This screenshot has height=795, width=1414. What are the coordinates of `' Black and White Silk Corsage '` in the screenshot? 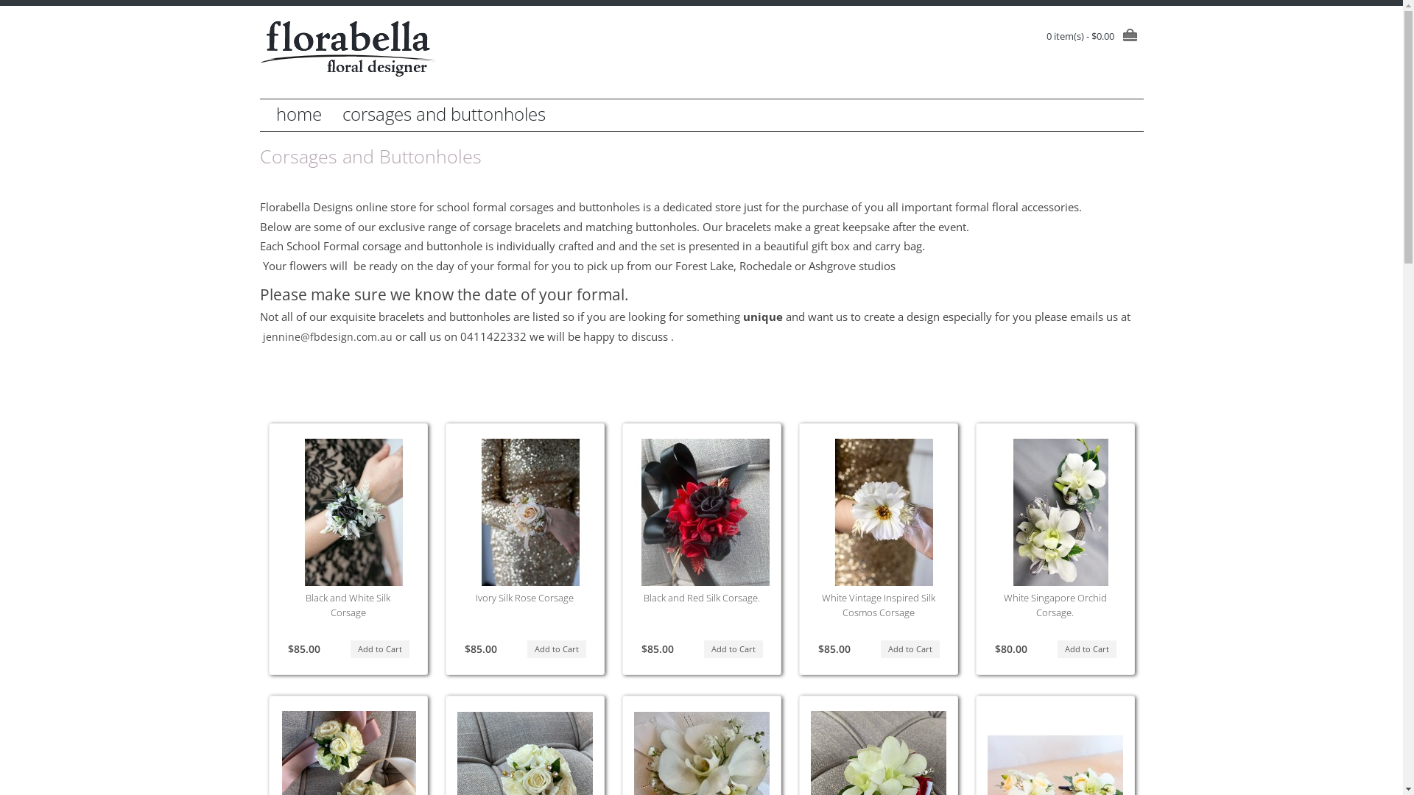 It's located at (279, 511).